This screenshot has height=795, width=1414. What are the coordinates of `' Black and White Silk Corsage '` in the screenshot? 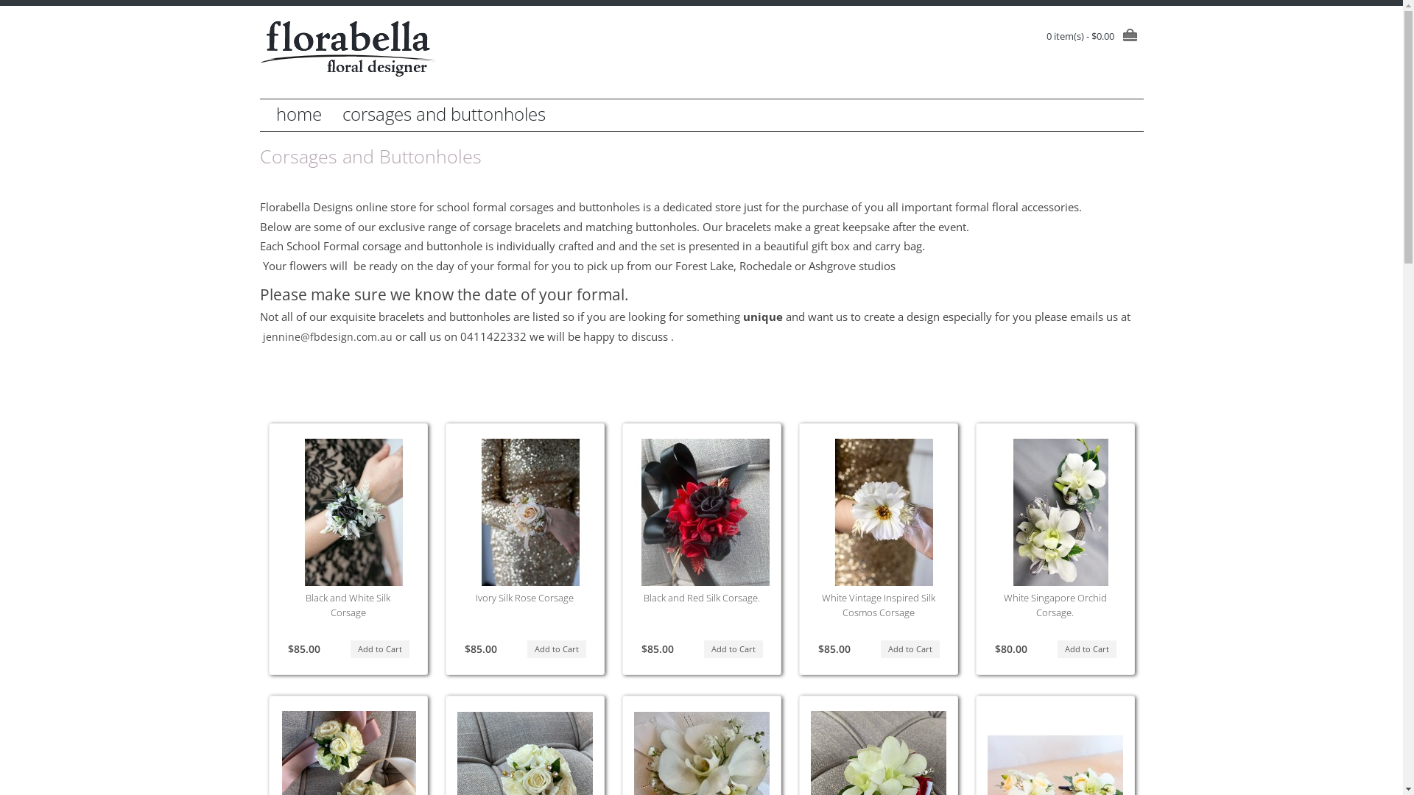 It's located at (279, 511).